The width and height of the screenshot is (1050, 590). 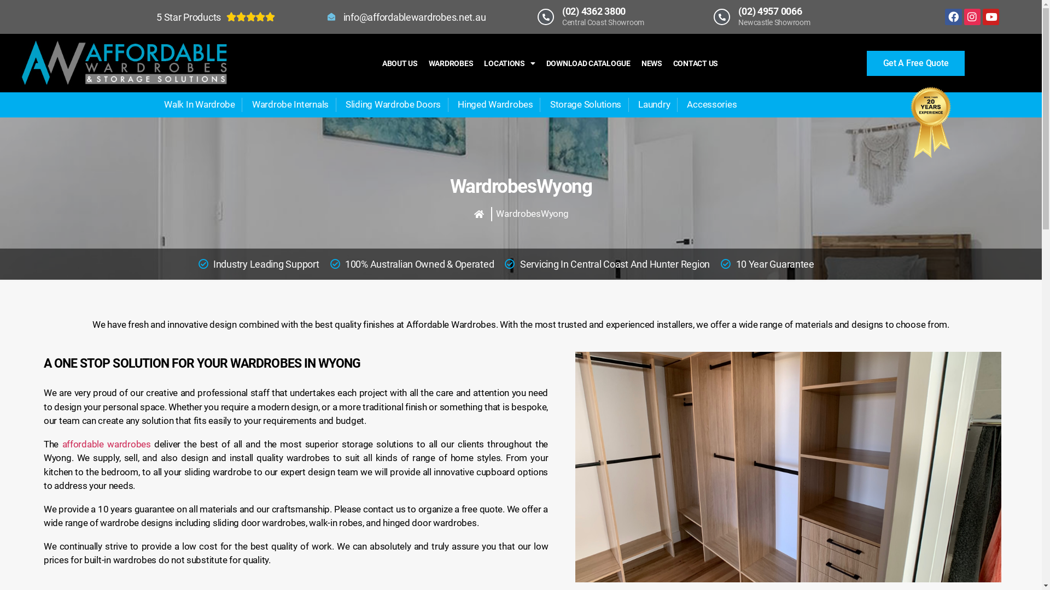 I want to click on 'info@affordablewardrobes.net.au', so click(x=406, y=17).